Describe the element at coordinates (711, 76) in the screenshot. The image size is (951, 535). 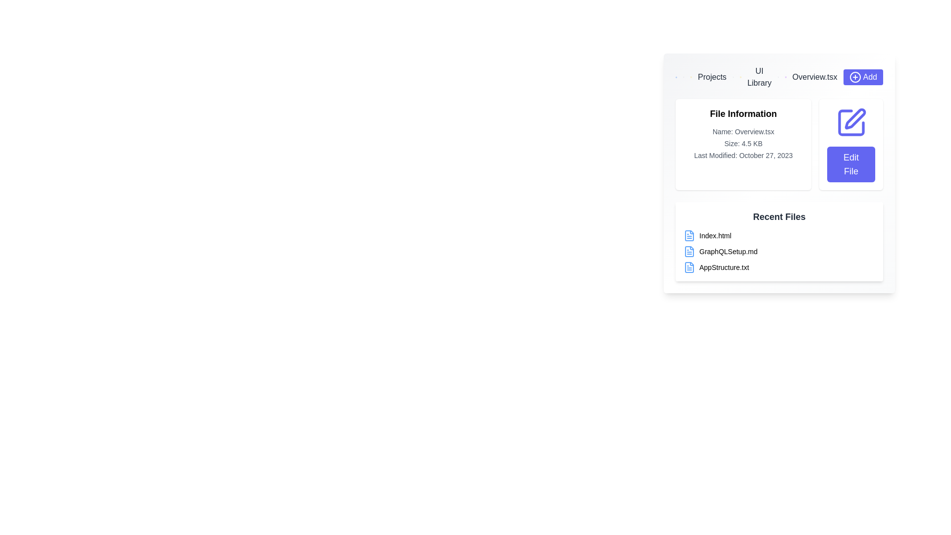
I see `the 'Projects' text label in the breadcrumb navigation bar` at that location.